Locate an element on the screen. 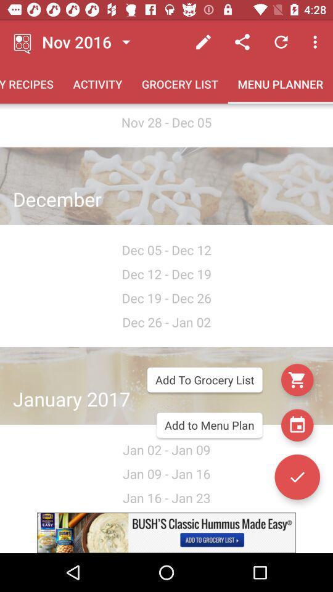  the date_range icon is located at coordinates (297, 425).